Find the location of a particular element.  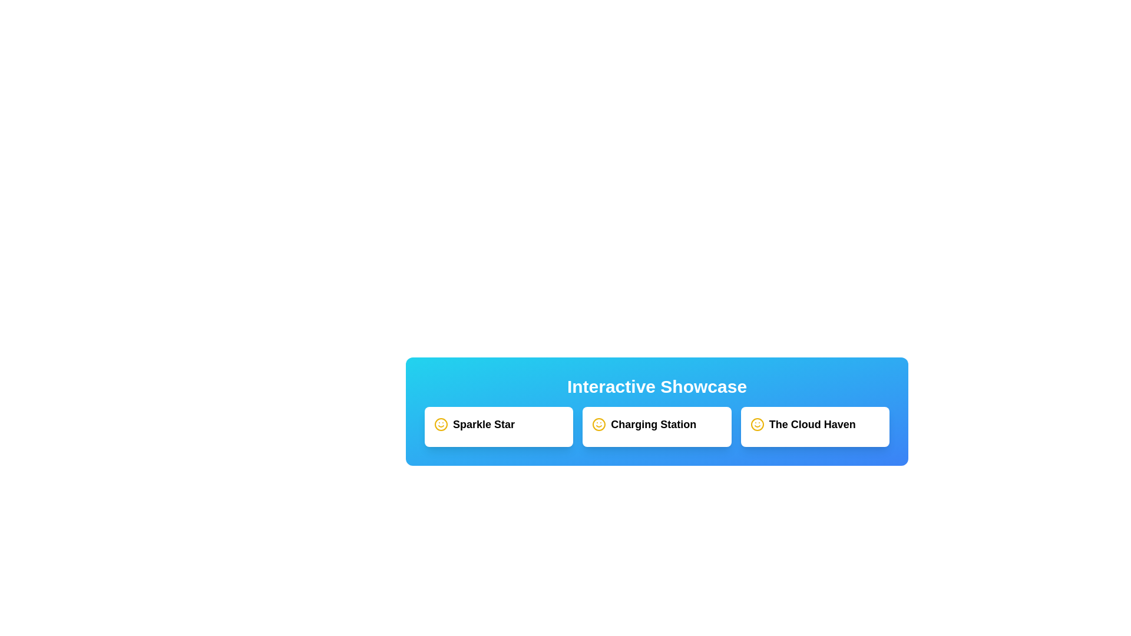

the orange smiling face icon representing a cheerful expression, located on the left side of the label 'The Cloud Haven' in the rightmost box of the 'Interactive Showcase' section is located at coordinates (757, 425).